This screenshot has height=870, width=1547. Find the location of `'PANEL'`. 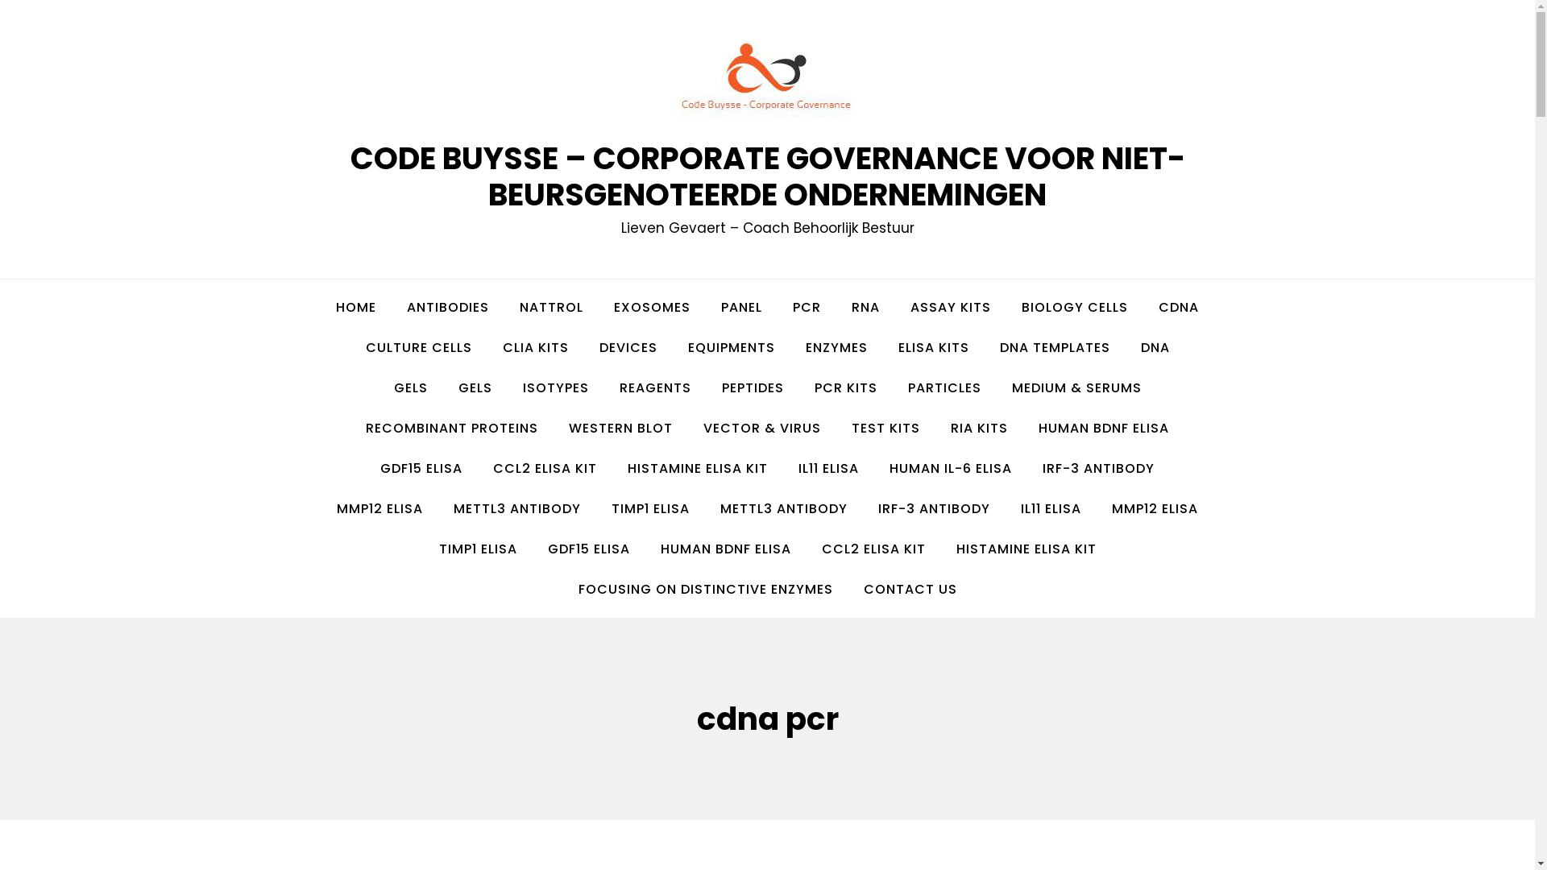

'PANEL' is located at coordinates (740, 307).